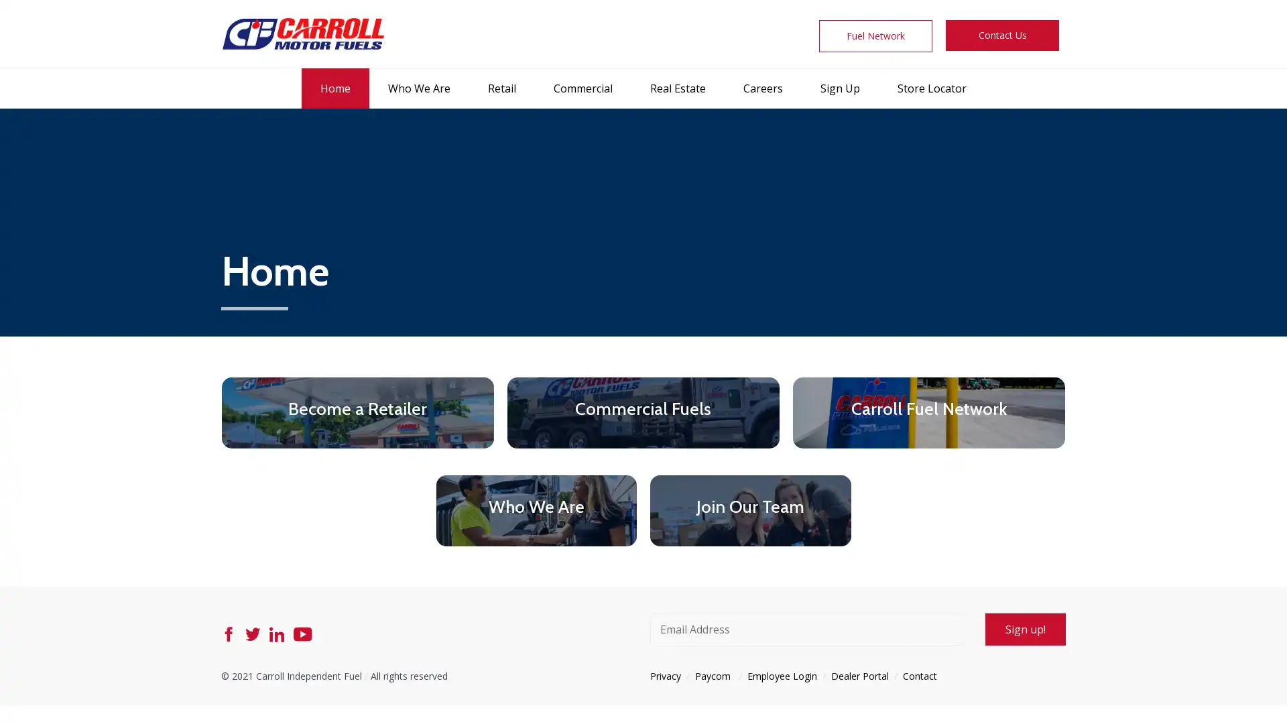  Describe the element at coordinates (1001, 35) in the screenshot. I see `Contact Us` at that location.